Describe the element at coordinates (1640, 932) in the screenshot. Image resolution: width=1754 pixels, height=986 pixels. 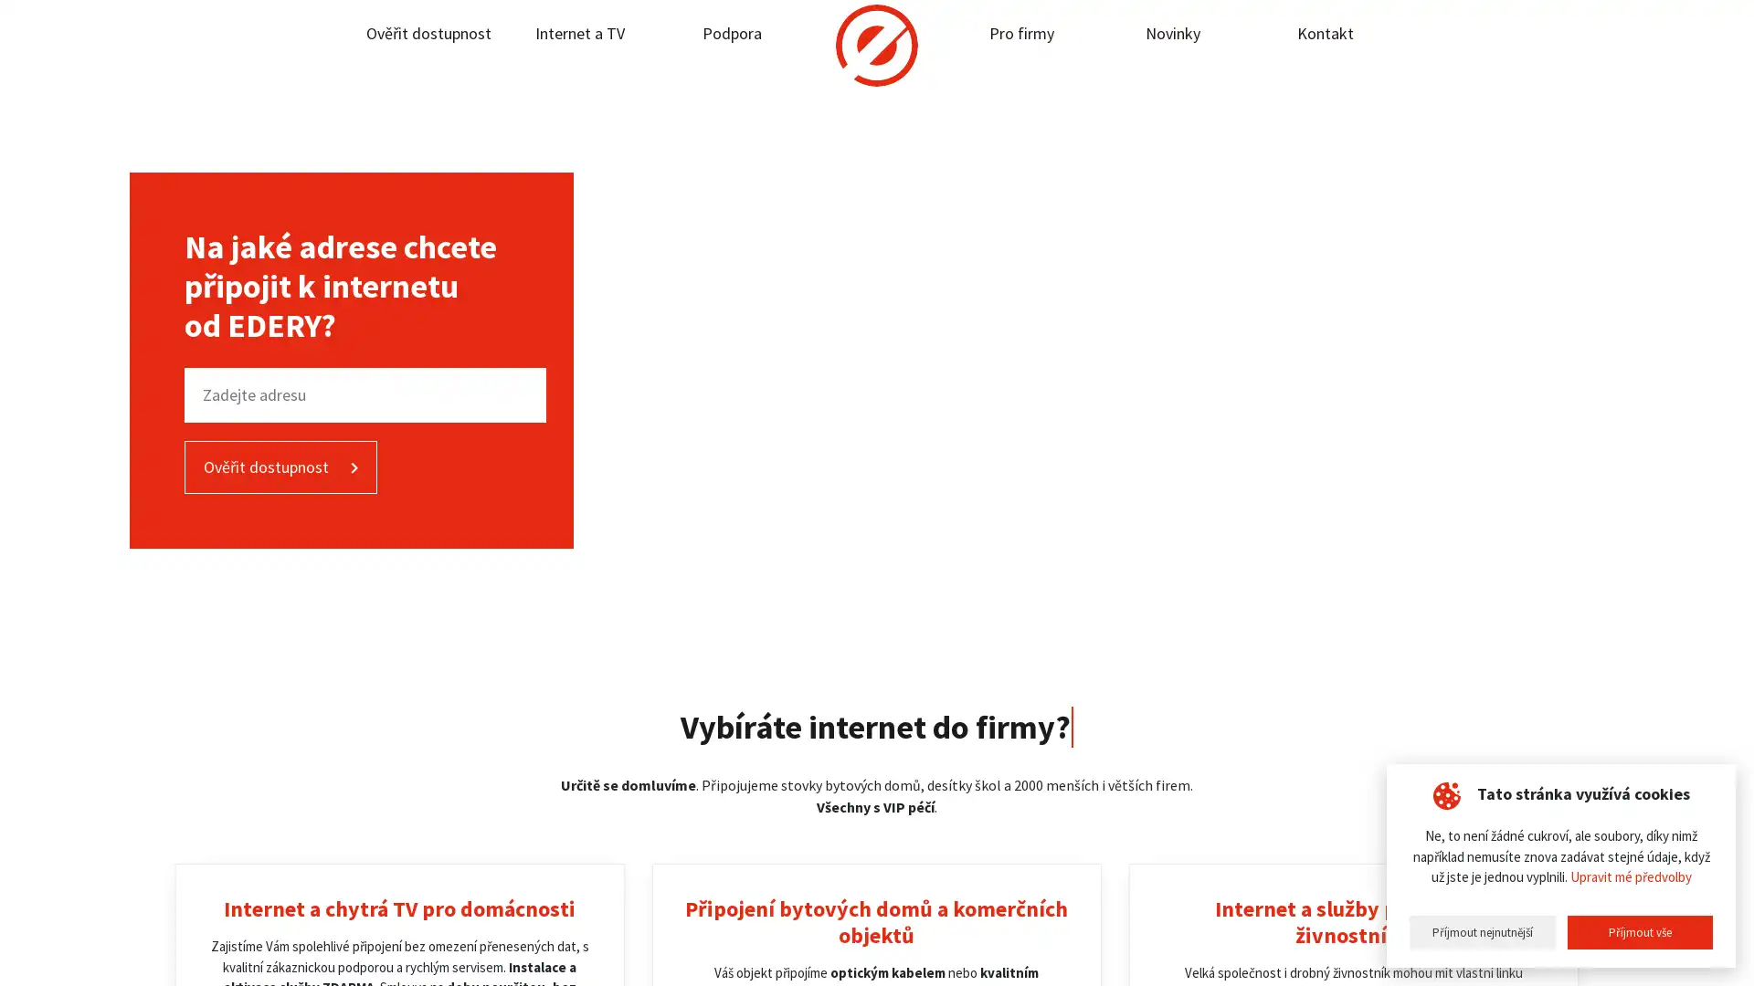
I see `Prijmout vse` at that location.